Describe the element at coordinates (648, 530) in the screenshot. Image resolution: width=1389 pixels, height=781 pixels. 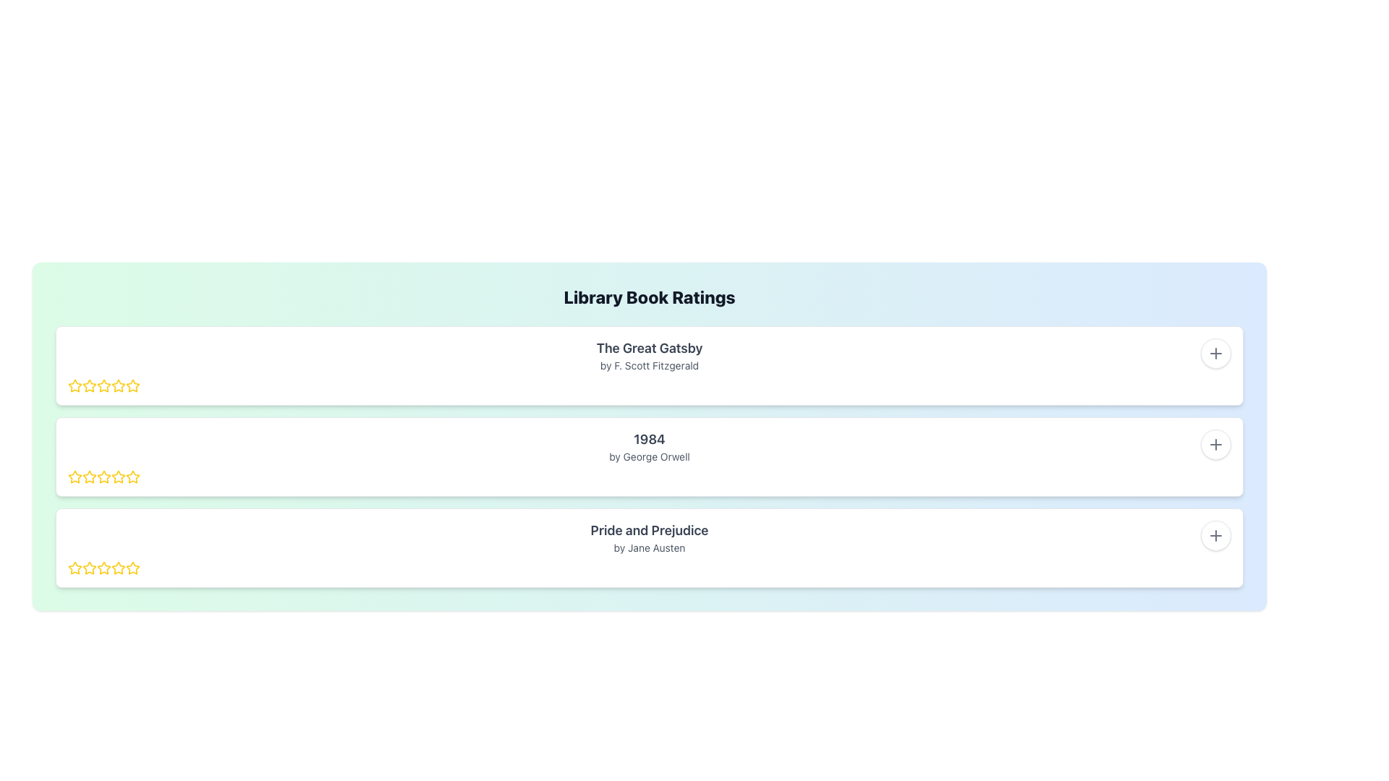
I see `the text label 'Pride and Prejudice' displayed in a bold, large font with a dark gray color, located in the third row under the heading 'Library Book Ratings'` at that location.